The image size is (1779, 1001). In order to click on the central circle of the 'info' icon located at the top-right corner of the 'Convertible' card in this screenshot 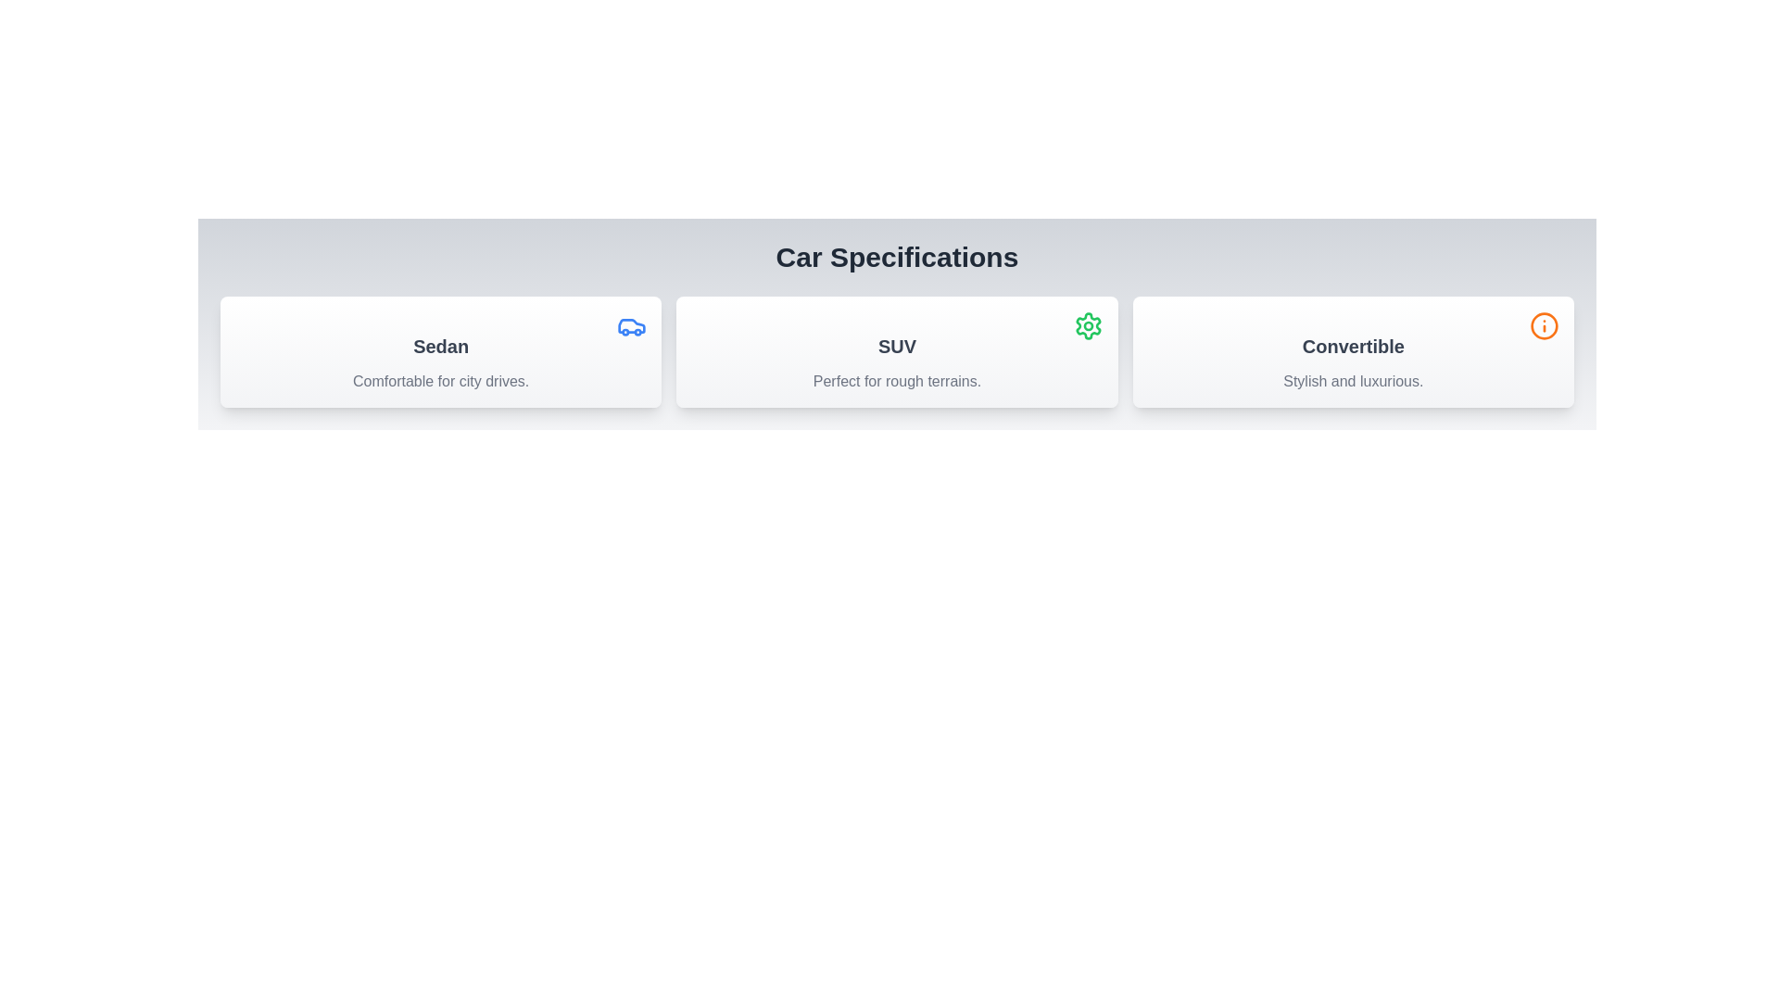, I will do `click(1544, 324)`.